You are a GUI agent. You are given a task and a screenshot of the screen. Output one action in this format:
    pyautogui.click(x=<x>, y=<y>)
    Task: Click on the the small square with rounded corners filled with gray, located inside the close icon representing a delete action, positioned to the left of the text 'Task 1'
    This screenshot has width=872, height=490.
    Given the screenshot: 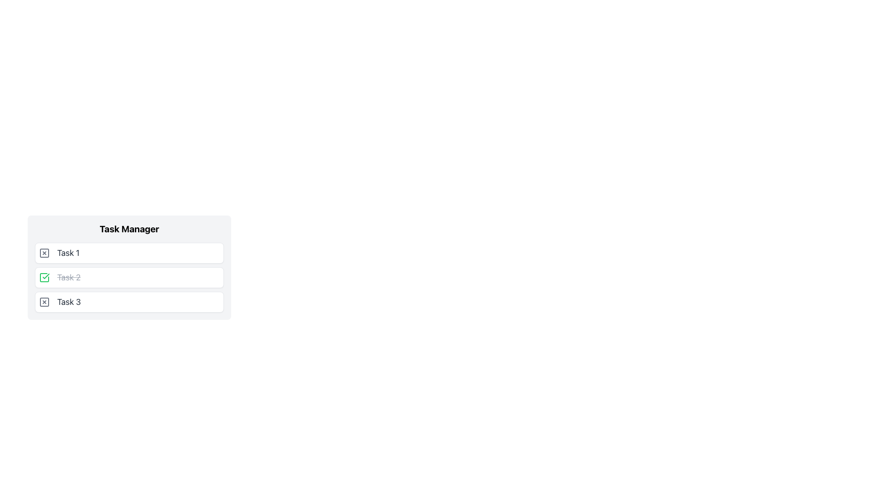 What is the action you would take?
    pyautogui.click(x=44, y=253)
    